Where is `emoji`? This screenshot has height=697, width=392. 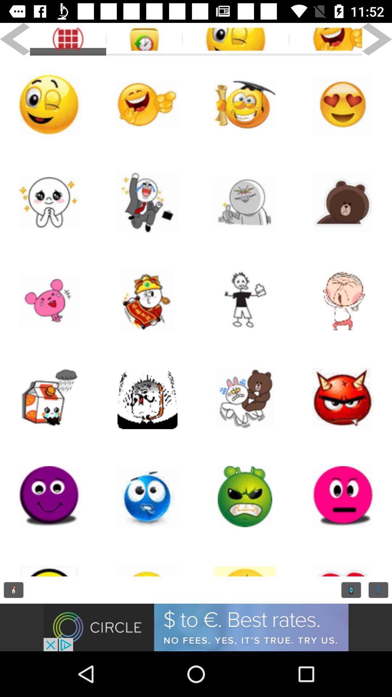
emoji is located at coordinates (245, 301).